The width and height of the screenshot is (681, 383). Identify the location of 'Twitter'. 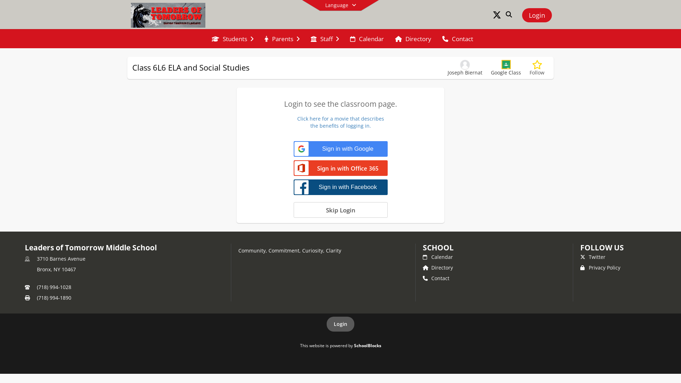
(593, 257).